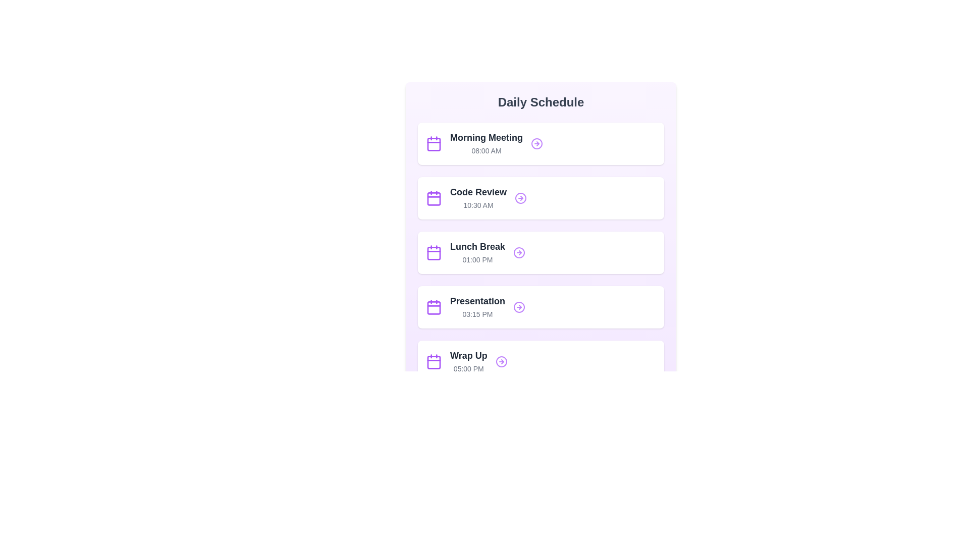 The height and width of the screenshot is (545, 969). What do you see at coordinates (521, 198) in the screenshot?
I see `the circular icon button with a purple outline and a right-pointing arrow adjacent to the 'Code Review' section` at bounding box center [521, 198].